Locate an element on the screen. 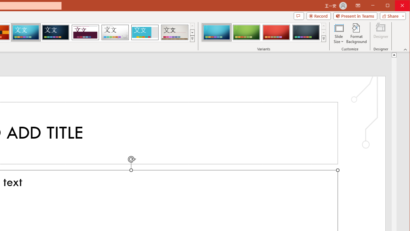  'AutomationID: ThemeVariantsGallery' is located at coordinates (264, 32).